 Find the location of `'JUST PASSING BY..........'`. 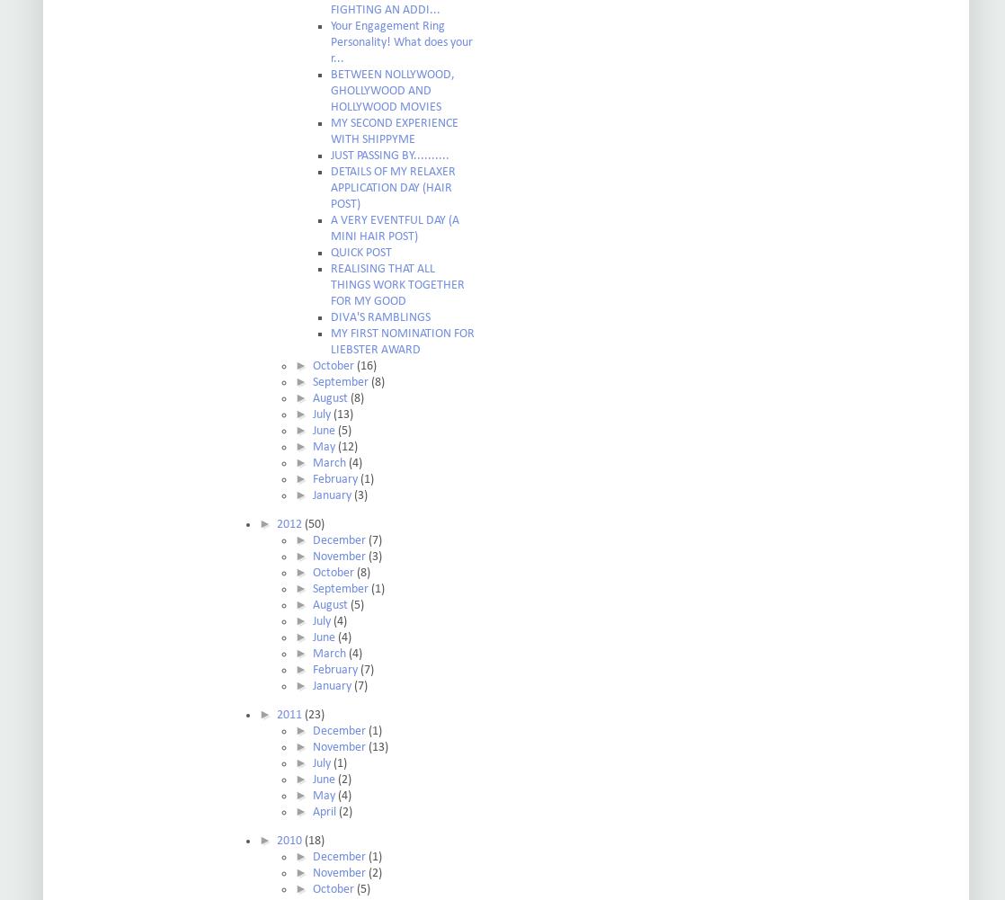

'JUST PASSING BY..........' is located at coordinates (330, 156).